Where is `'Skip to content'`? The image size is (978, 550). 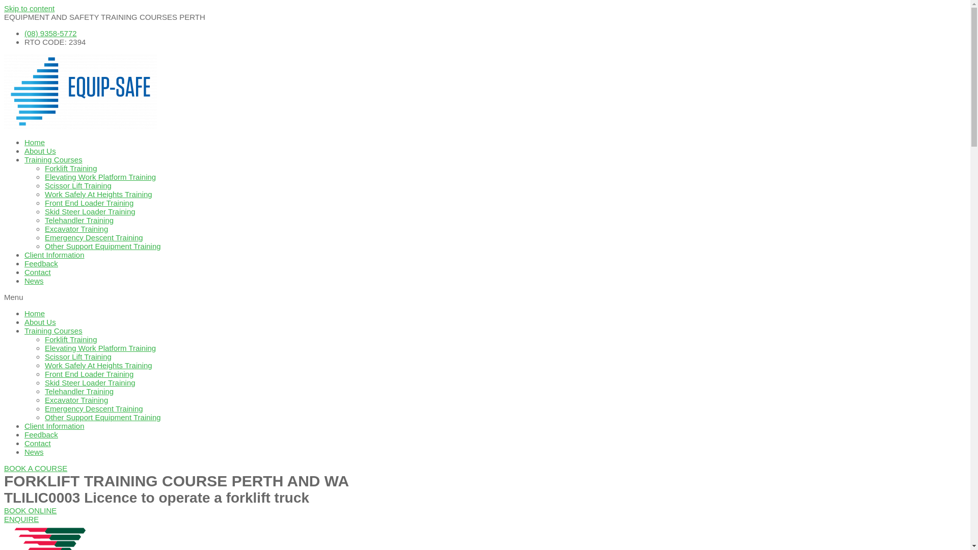
'Skip to content' is located at coordinates (29, 8).